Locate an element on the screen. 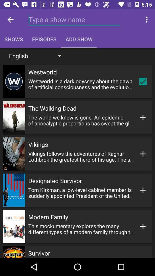 The image size is (155, 276). the field above episodes at the top of the page is located at coordinates (74, 20).